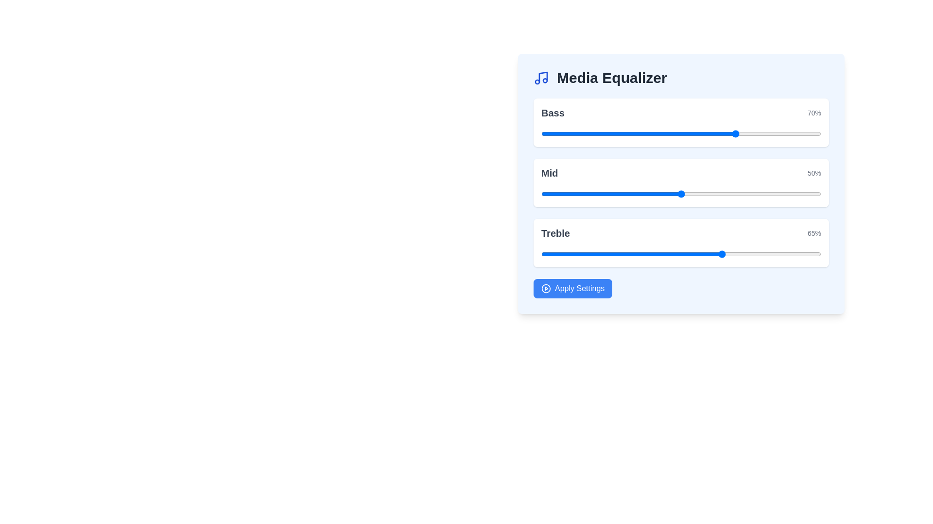  Describe the element at coordinates (686, 254) in the screenshot. I see `treble` at that location.